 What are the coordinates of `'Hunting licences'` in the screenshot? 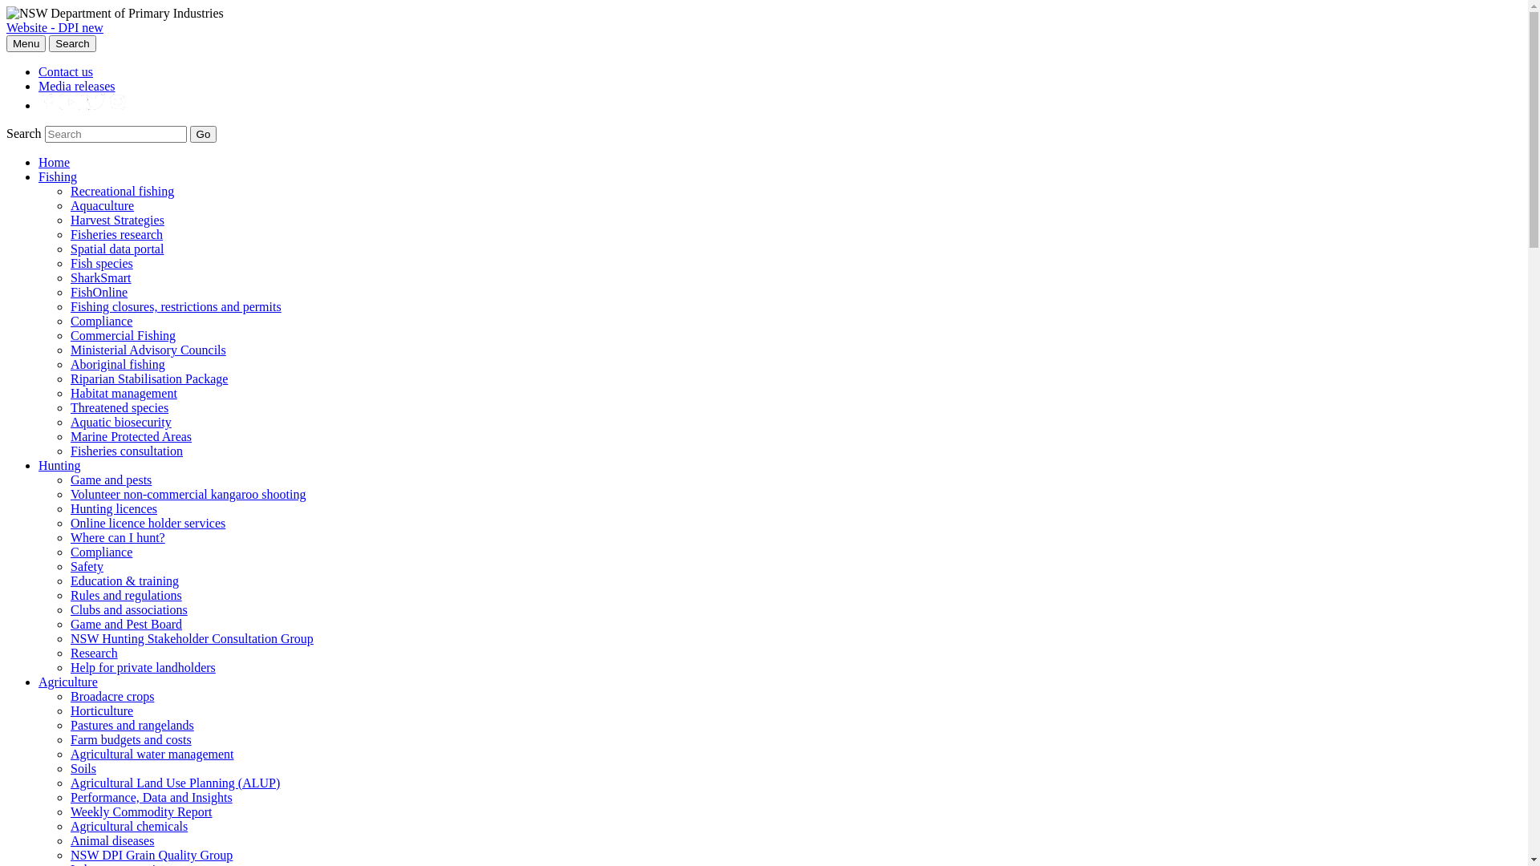 It's located at (113, 508).